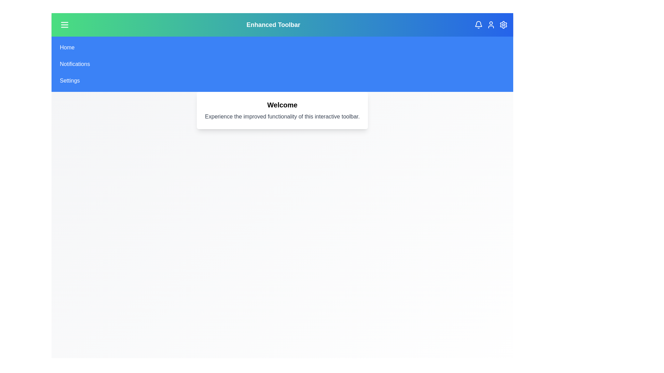  Describe the element at coordinates (478, 25) in the screenshot. I see `the interactive element bell_icon` at that location.